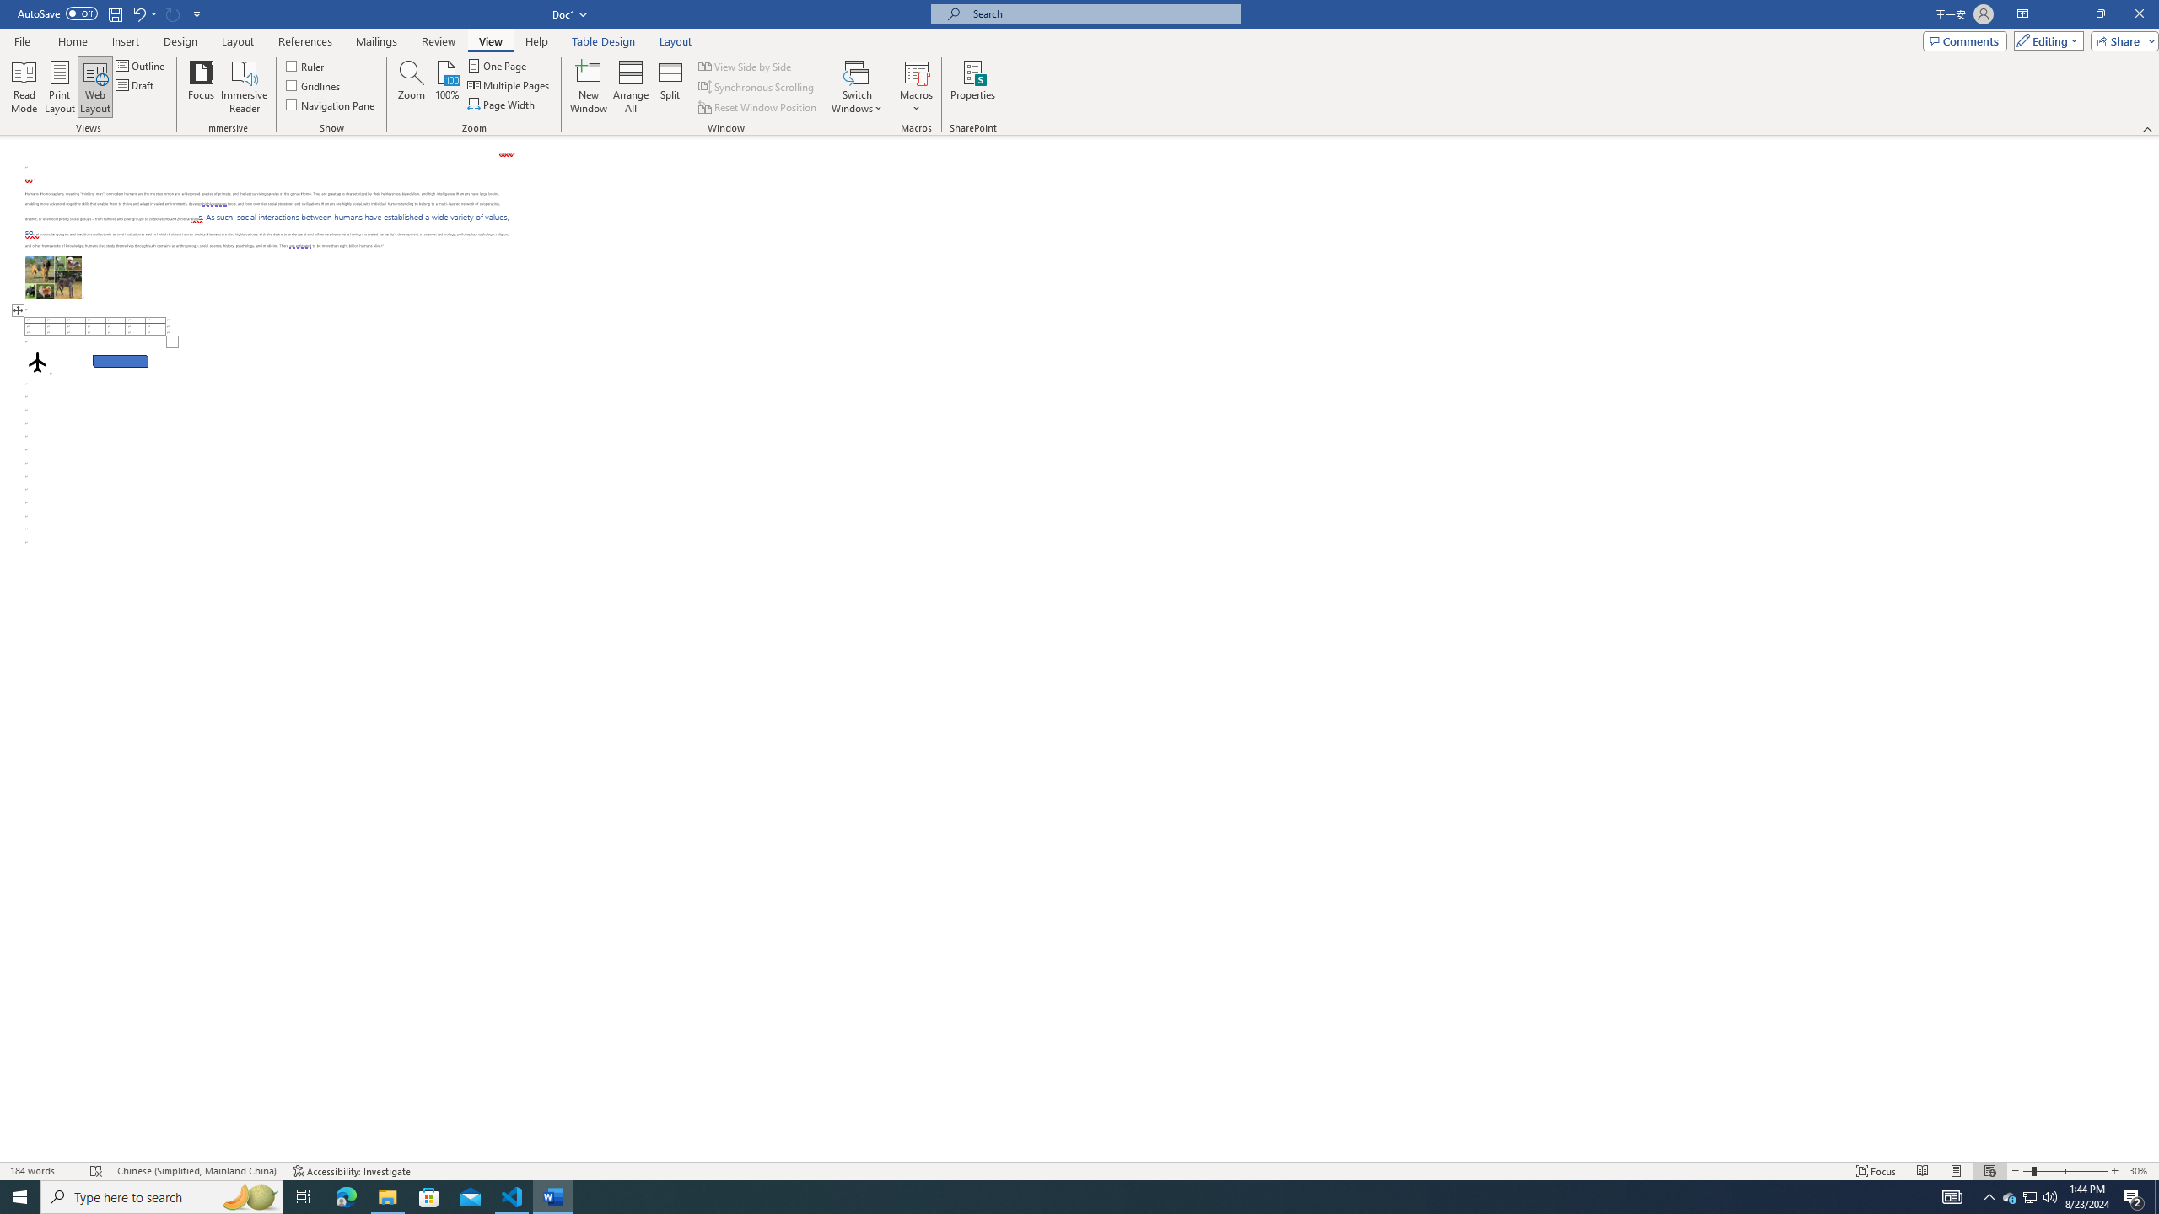 This screenshot has width=2159, height=1214. Describe the element at coordinates (630, 87) in the screenshot. I see `'Arrange All'` at that location.